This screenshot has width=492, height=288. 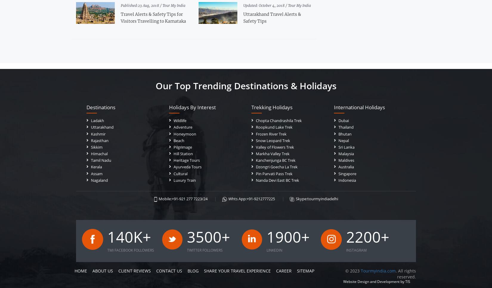 I want to click on 'Dubai', so click(x=343, y=120).